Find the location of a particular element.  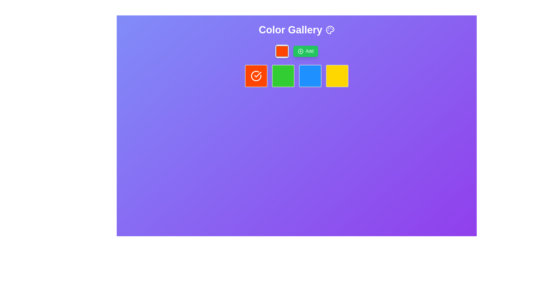

the first Colored Selectable Tile with a bright orange background and a white checkmark icon is located at coordinates (256, 76).